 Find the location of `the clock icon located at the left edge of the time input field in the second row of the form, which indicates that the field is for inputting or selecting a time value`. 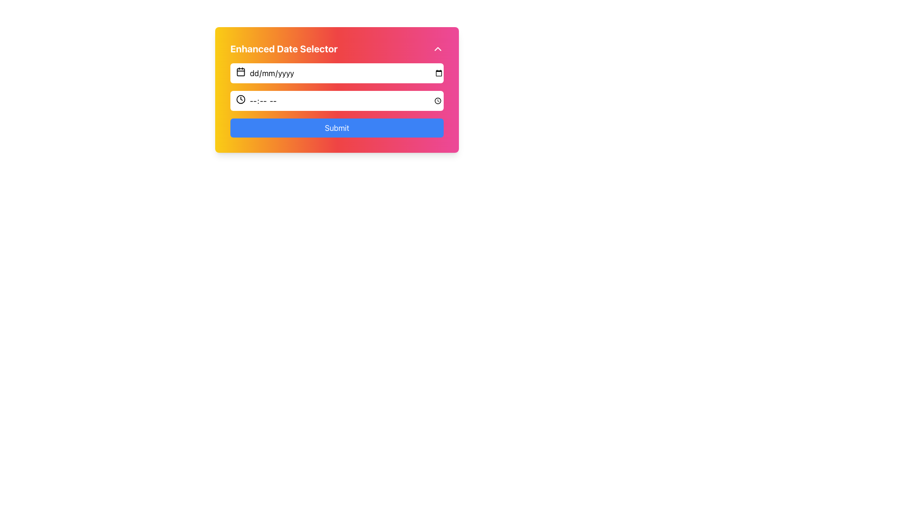

the clock icon located at the left edge of the time input field in the second row of the form, which indicates that the field is for inputting or selecting a time value is located at coordinates (240, 99).